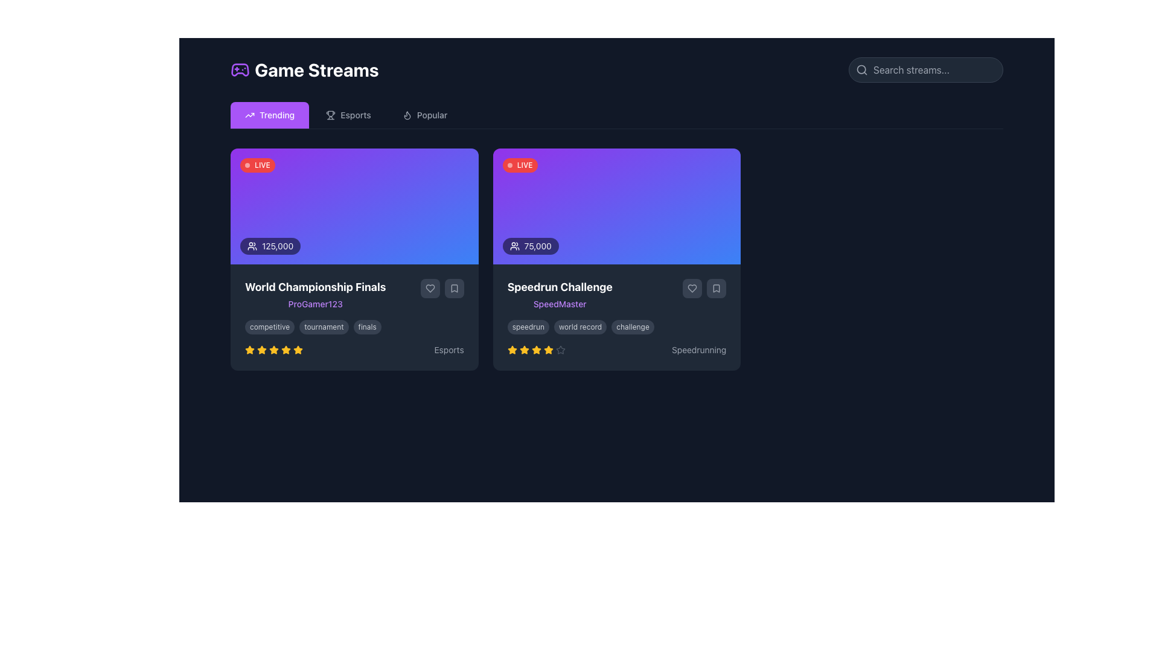 Image resolution: width=1159 pixels, height=652 pixels. What do you see at coordinates (559, 287) in the screenshot?
I see `the Text Header that serves as the title for the card summarizing the 'Speedrun Challenge', located on the second card in the 'Game Streams' section` at bounding box center [559, 287].